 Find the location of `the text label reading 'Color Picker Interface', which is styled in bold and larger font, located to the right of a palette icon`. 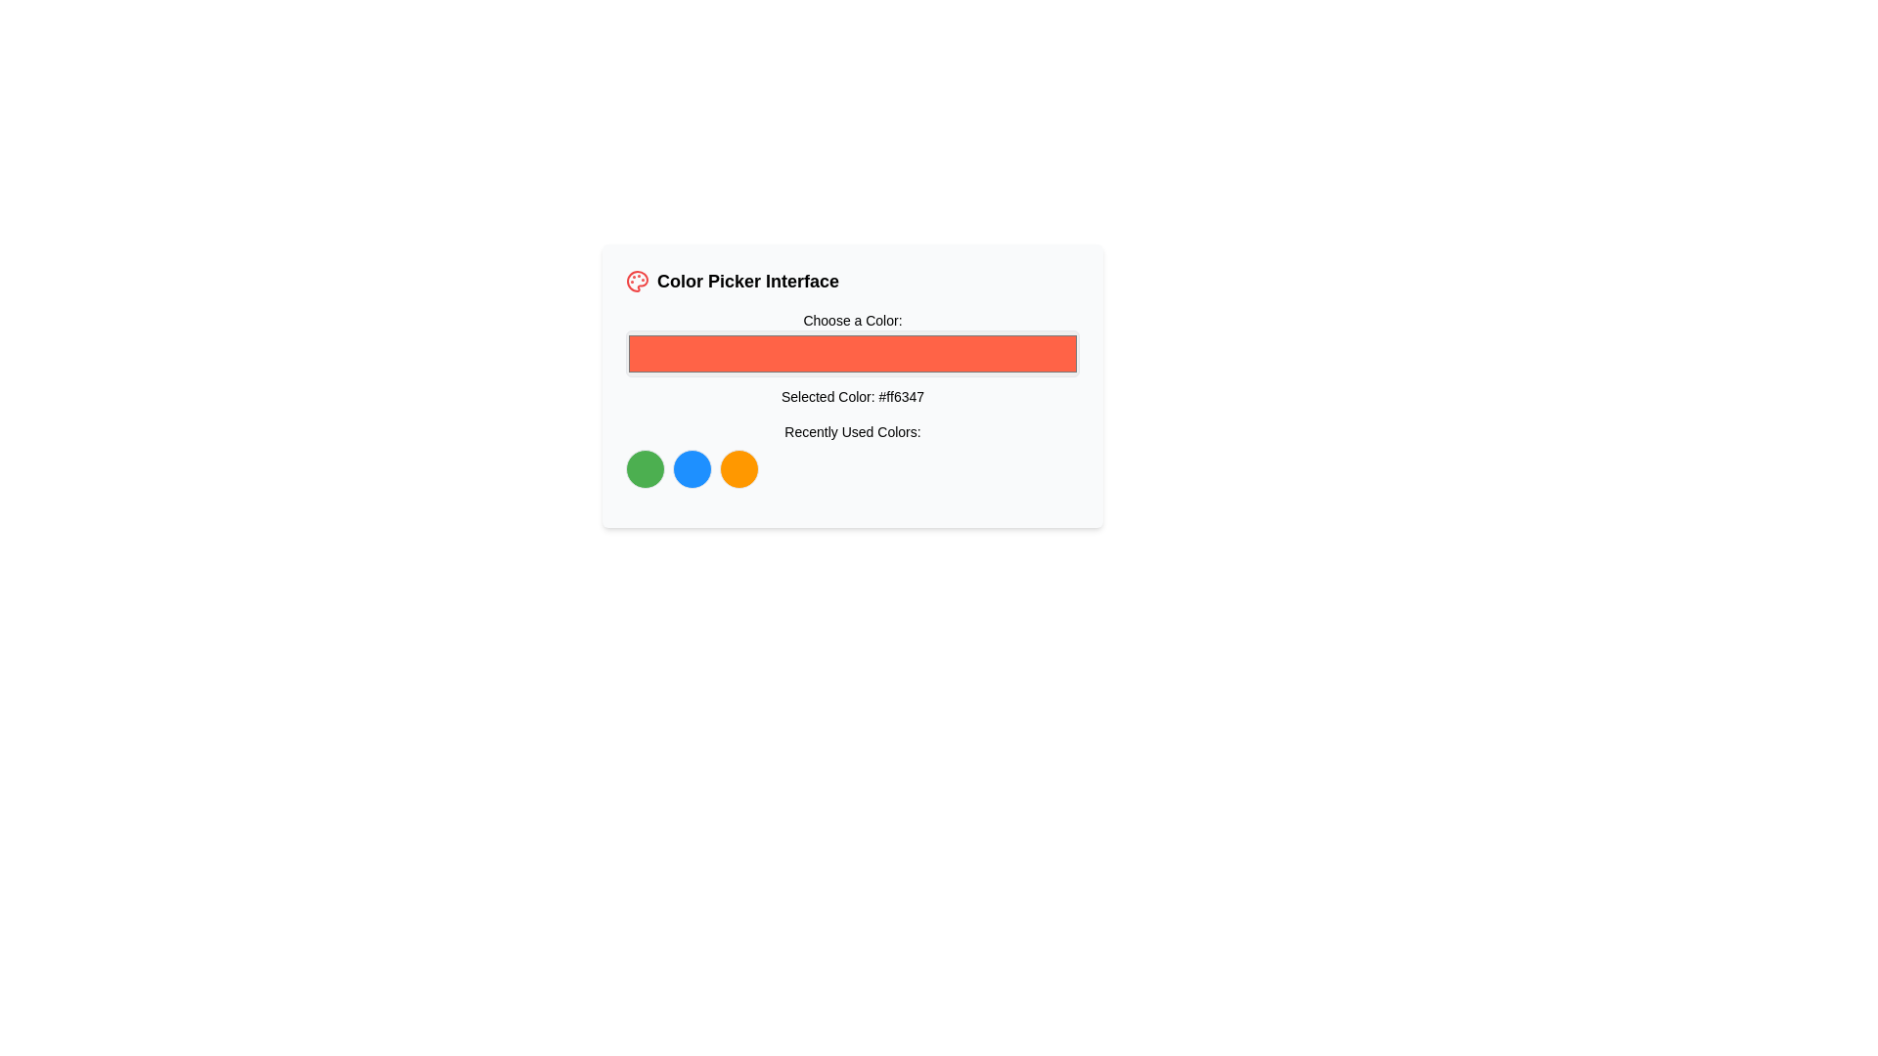

the text label reading 'Color Picker Interface', which is styled in bold and larger font, located to the right of a palette icon is located at coordinates (747, 282).